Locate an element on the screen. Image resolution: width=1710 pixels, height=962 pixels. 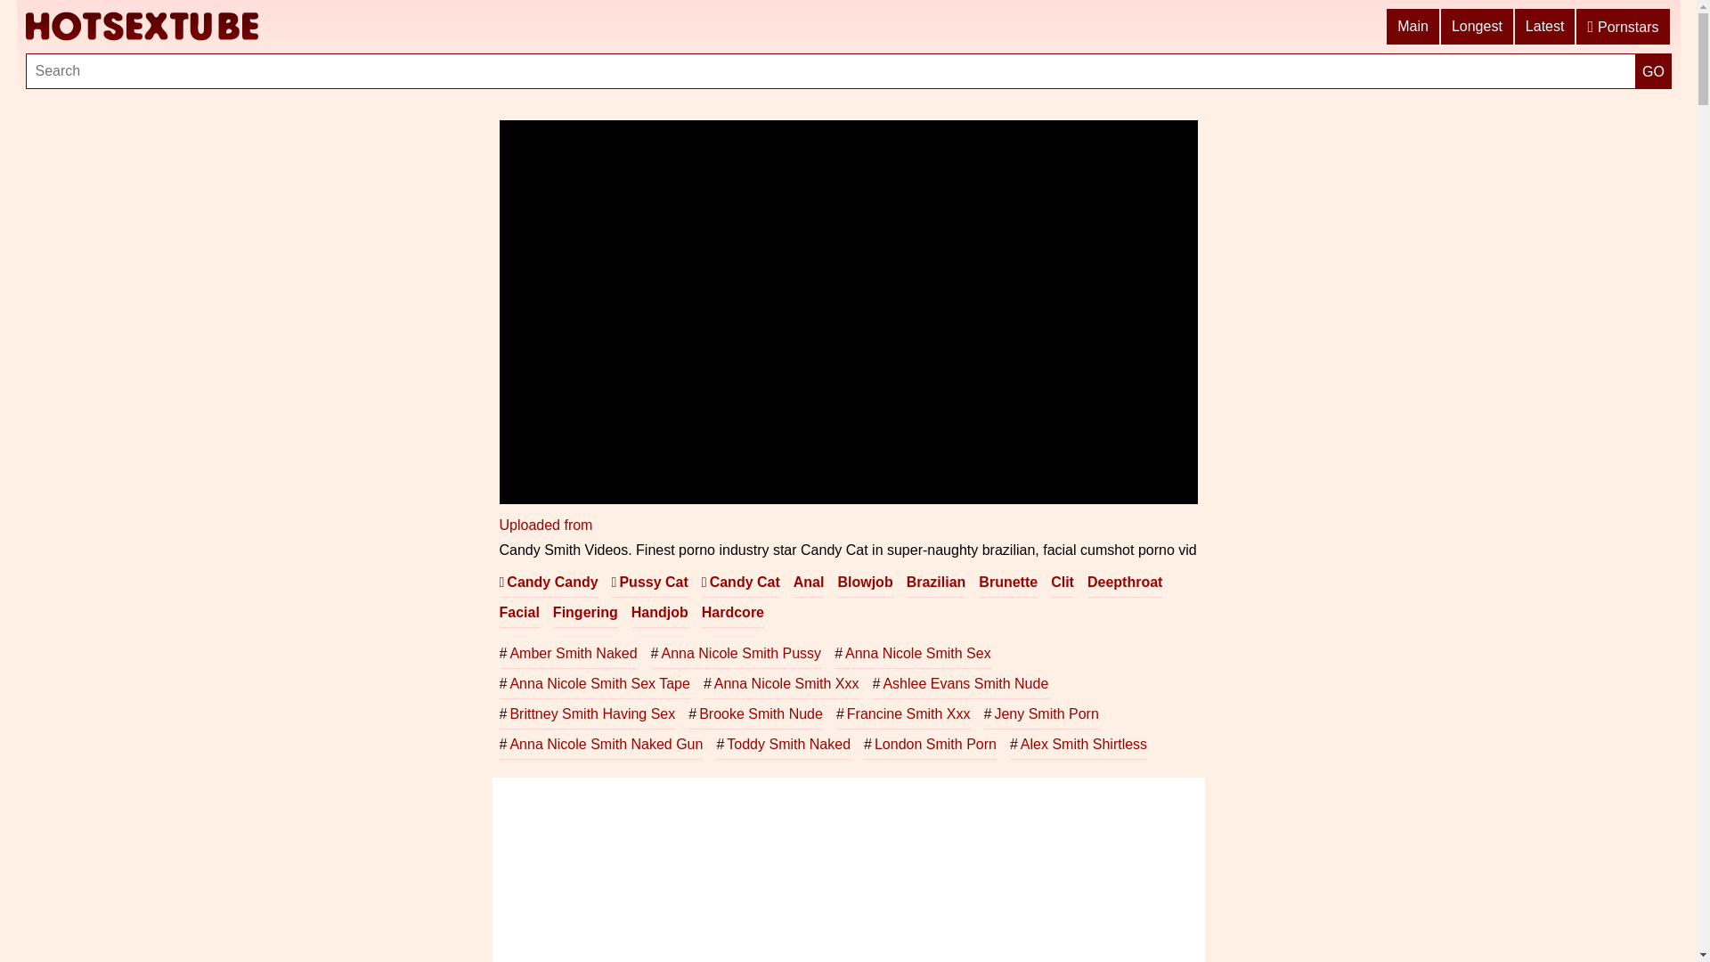
'Longest' is located at coordinates (1440, 27).